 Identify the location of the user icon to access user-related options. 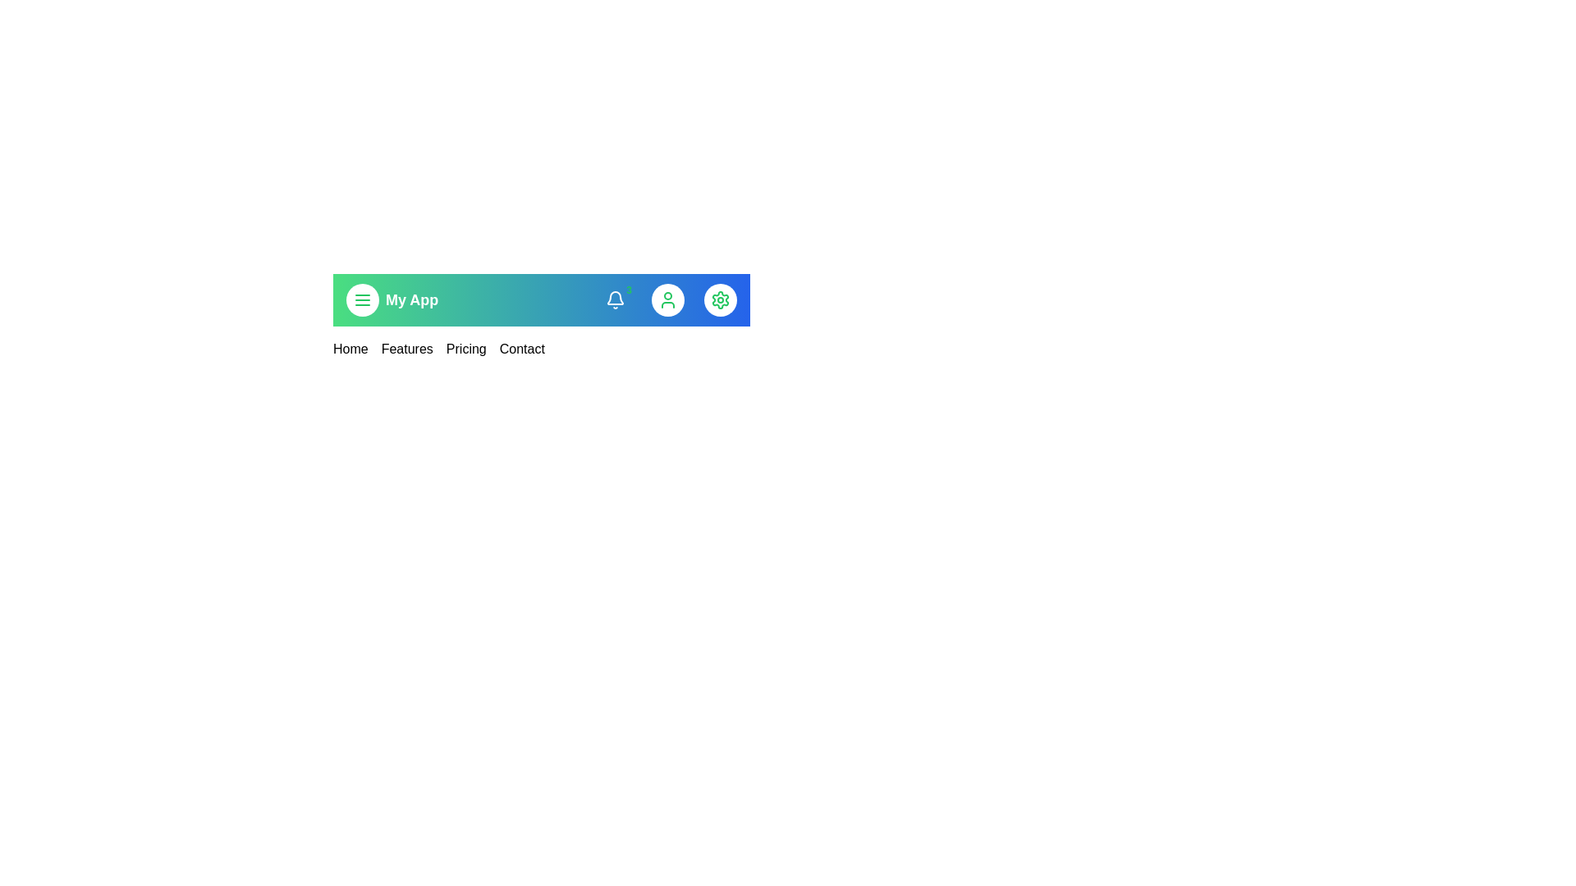
(668, 300).